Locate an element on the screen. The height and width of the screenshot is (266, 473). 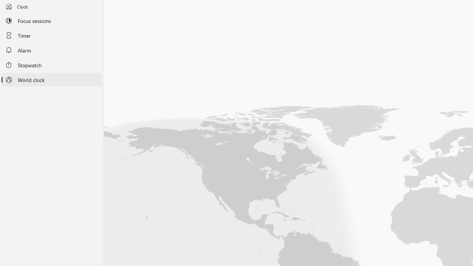
'Timer' is located at coordinates (51, 35).